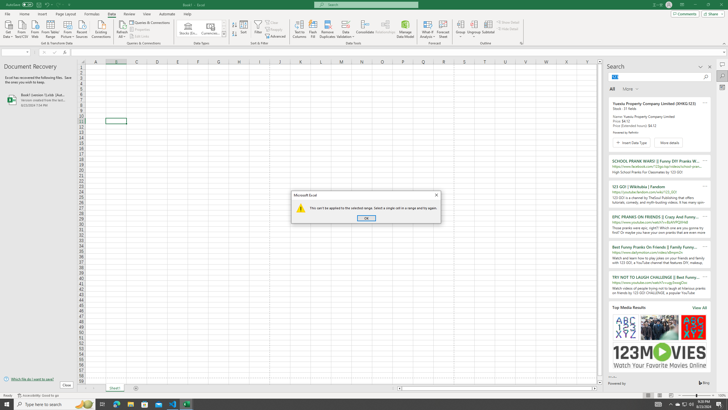  Describe the element at coordinates (243, 29) in the screenshot. I see `'Sort...'` at that location.